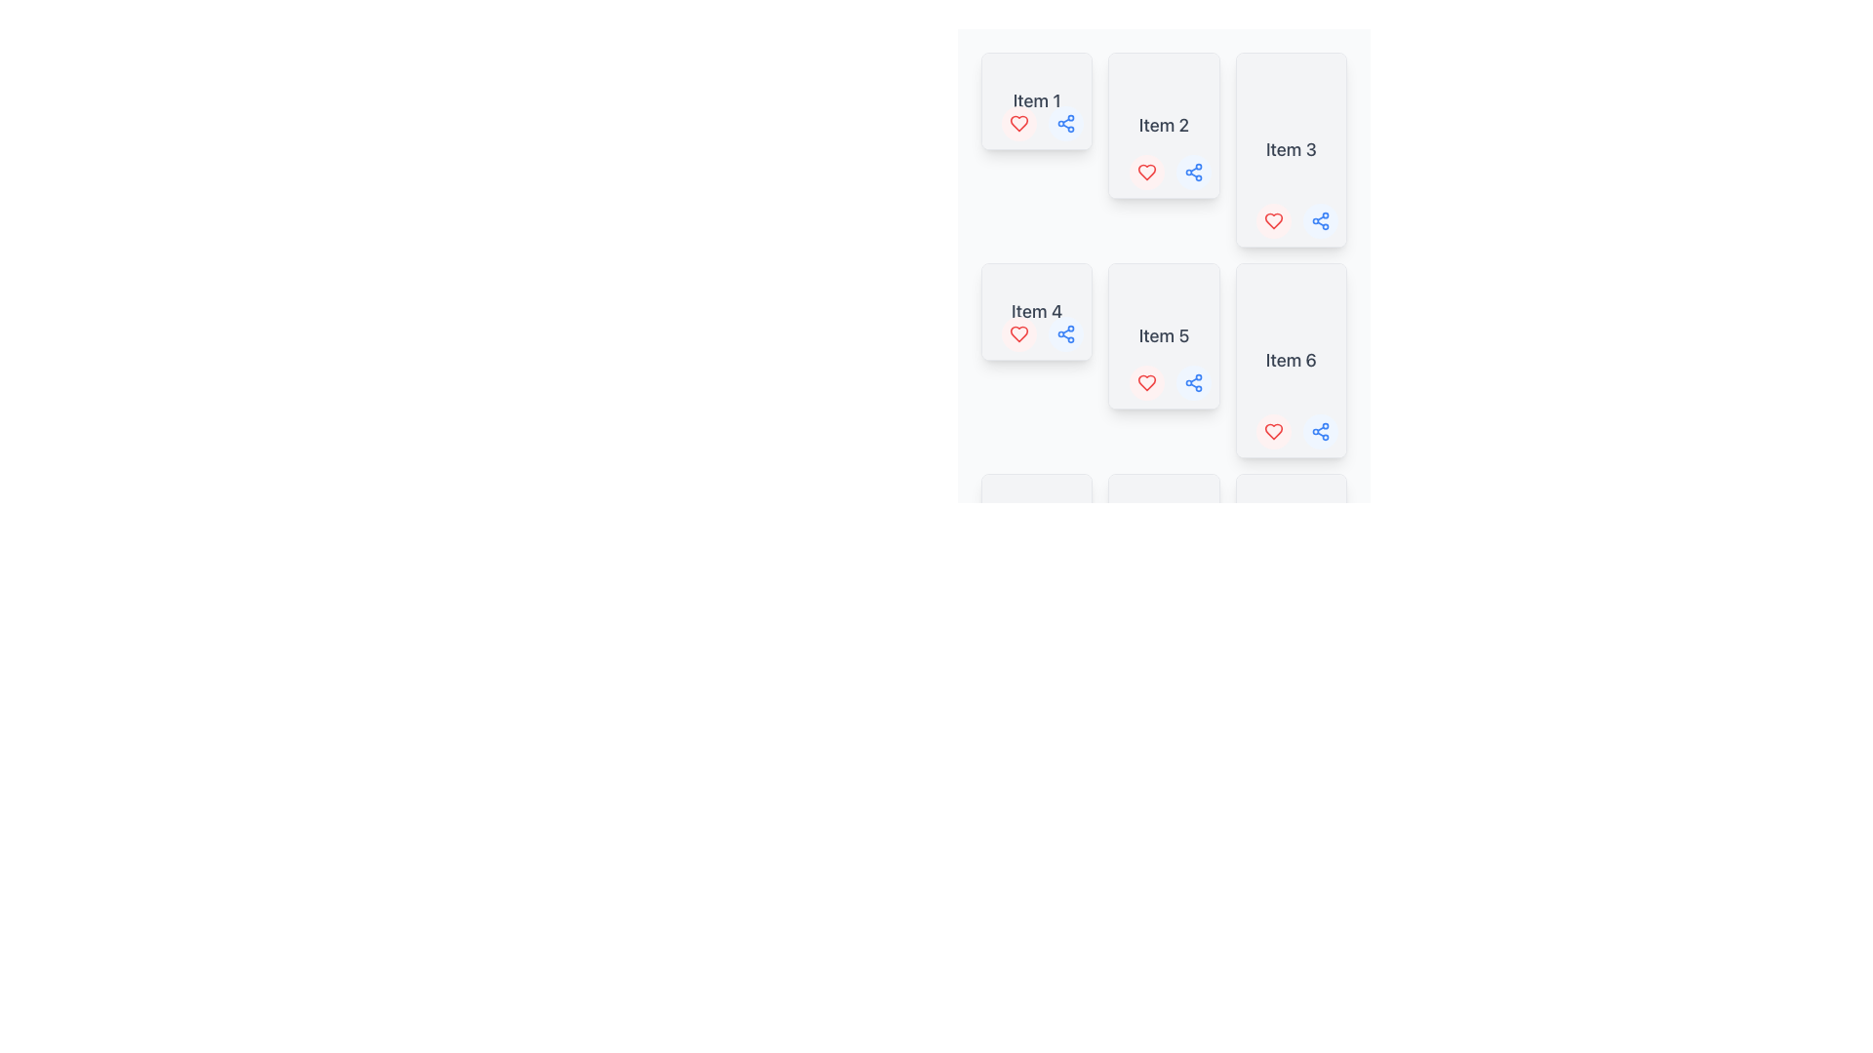 Image resolution: width=1873 pixels, height=1053 pixels. What do you see at coordinates (1146, 383) in the screenshot?
I see `the heart icon button located in the bottom-right section of the 'Item 5' tile` at bounding box center [1146, 383].